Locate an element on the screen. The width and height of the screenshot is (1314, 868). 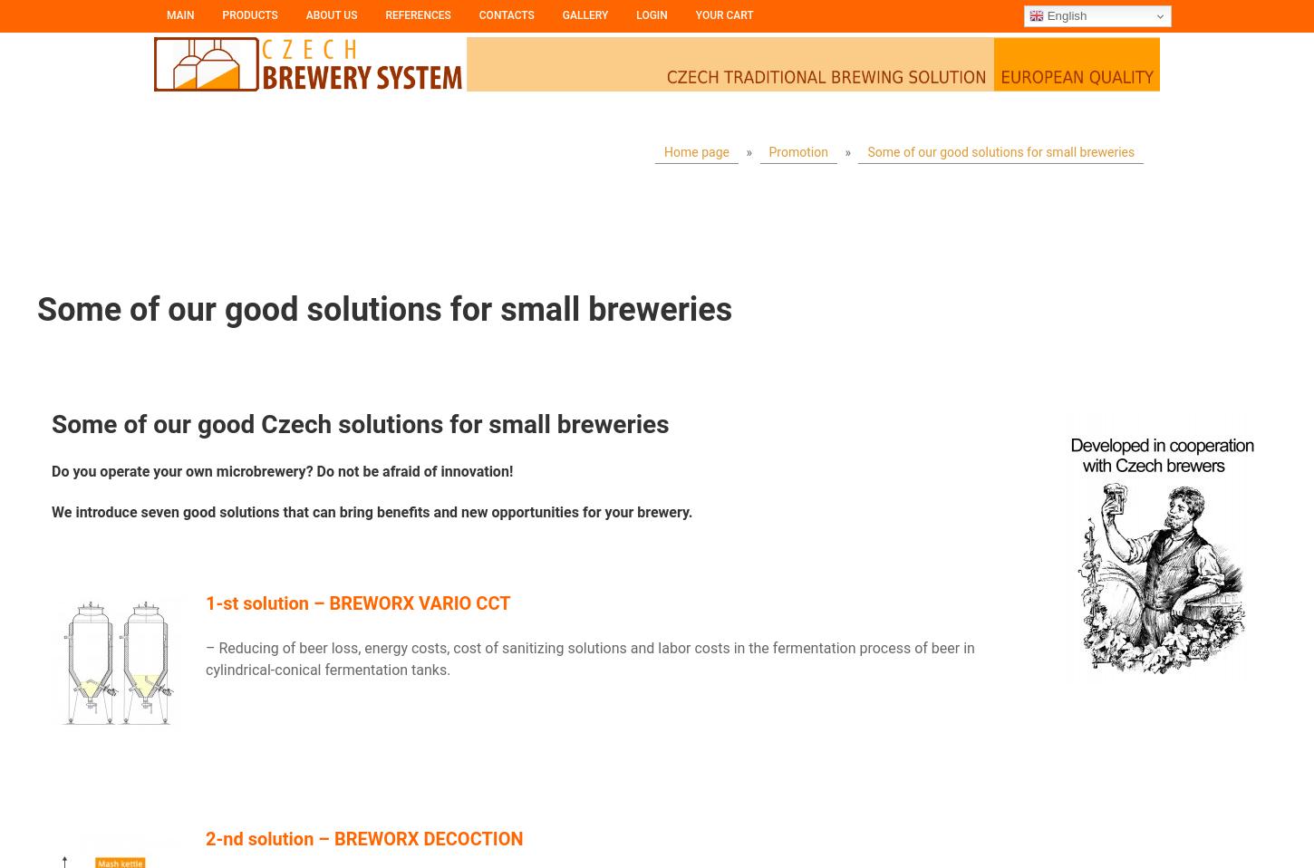
'We introduce seven good solutions that can bring benefits and new opportunities for your brewery.' is located at coordinates (371, 511).